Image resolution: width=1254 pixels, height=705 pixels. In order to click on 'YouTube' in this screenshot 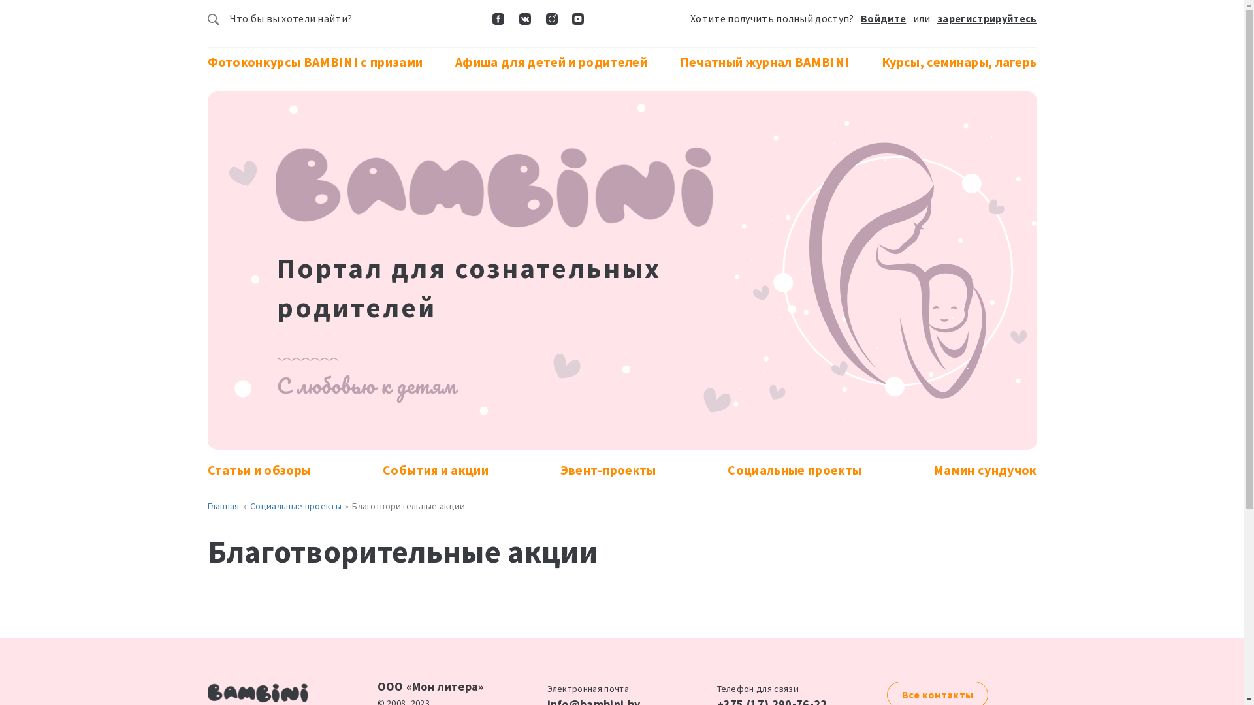, I will do `click(577, 23)`.